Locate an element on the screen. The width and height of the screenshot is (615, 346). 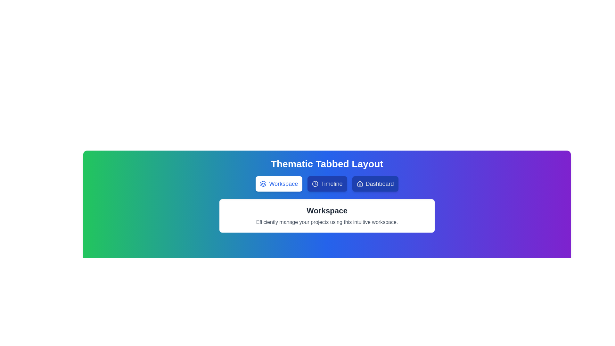
the decorative 'Workspace' icon located on the left side of the first button in the top navigation area is located at coordinates (263, 184).